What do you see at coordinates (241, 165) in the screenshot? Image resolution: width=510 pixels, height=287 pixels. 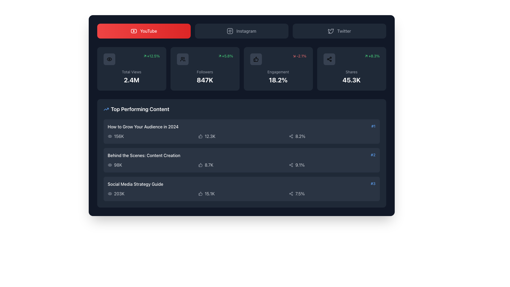 I see `the second item in the grid layout that presents the numerical value '8.7K', located between '98K' and '9.1%' in the content section titled 'Top Performing Content'` at bounding box center [241, 165].